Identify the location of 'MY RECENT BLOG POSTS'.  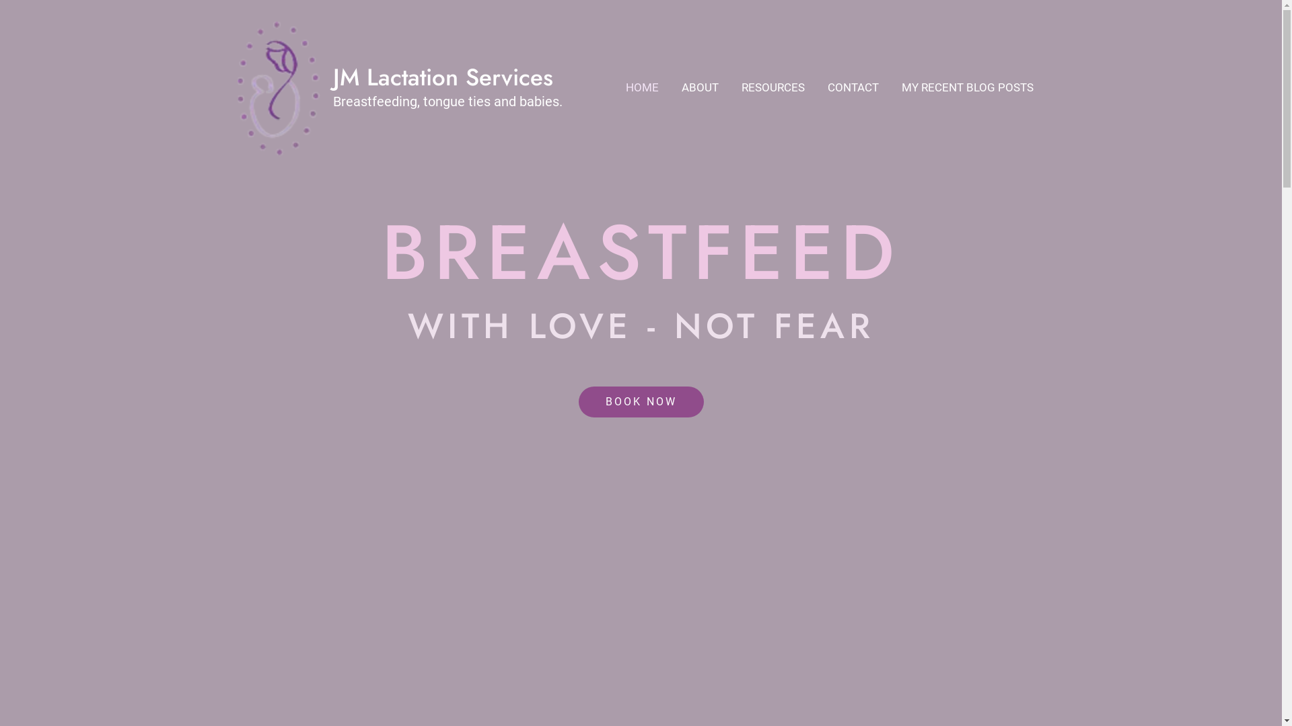
(966, 87).